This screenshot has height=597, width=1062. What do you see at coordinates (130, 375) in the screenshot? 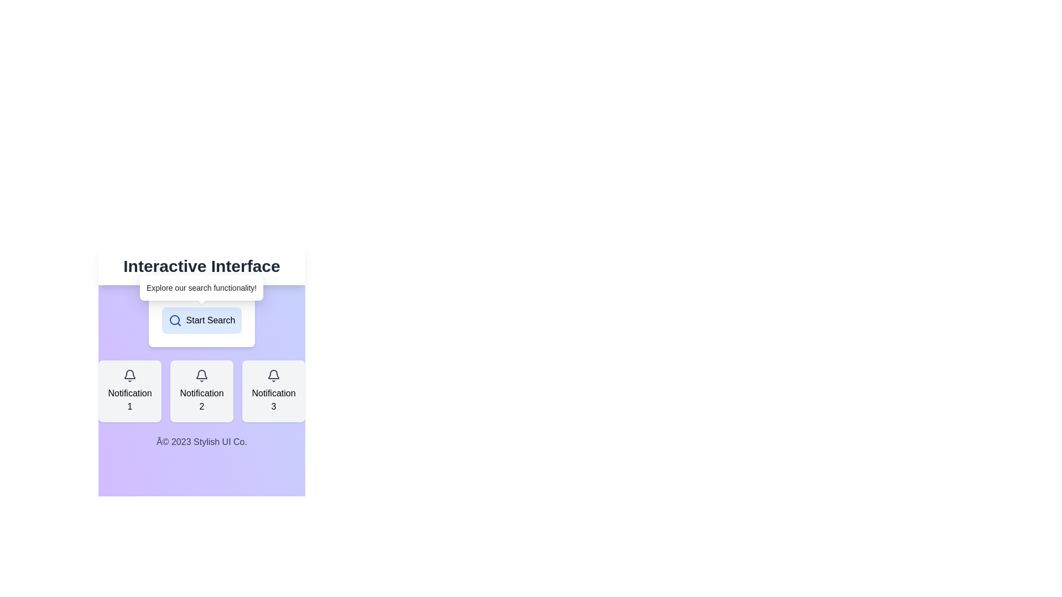
I see `the bell icon located at the top center of the first notification card, which is styled in dark gray and has a minimalist design` at bounding box center [130, 375].